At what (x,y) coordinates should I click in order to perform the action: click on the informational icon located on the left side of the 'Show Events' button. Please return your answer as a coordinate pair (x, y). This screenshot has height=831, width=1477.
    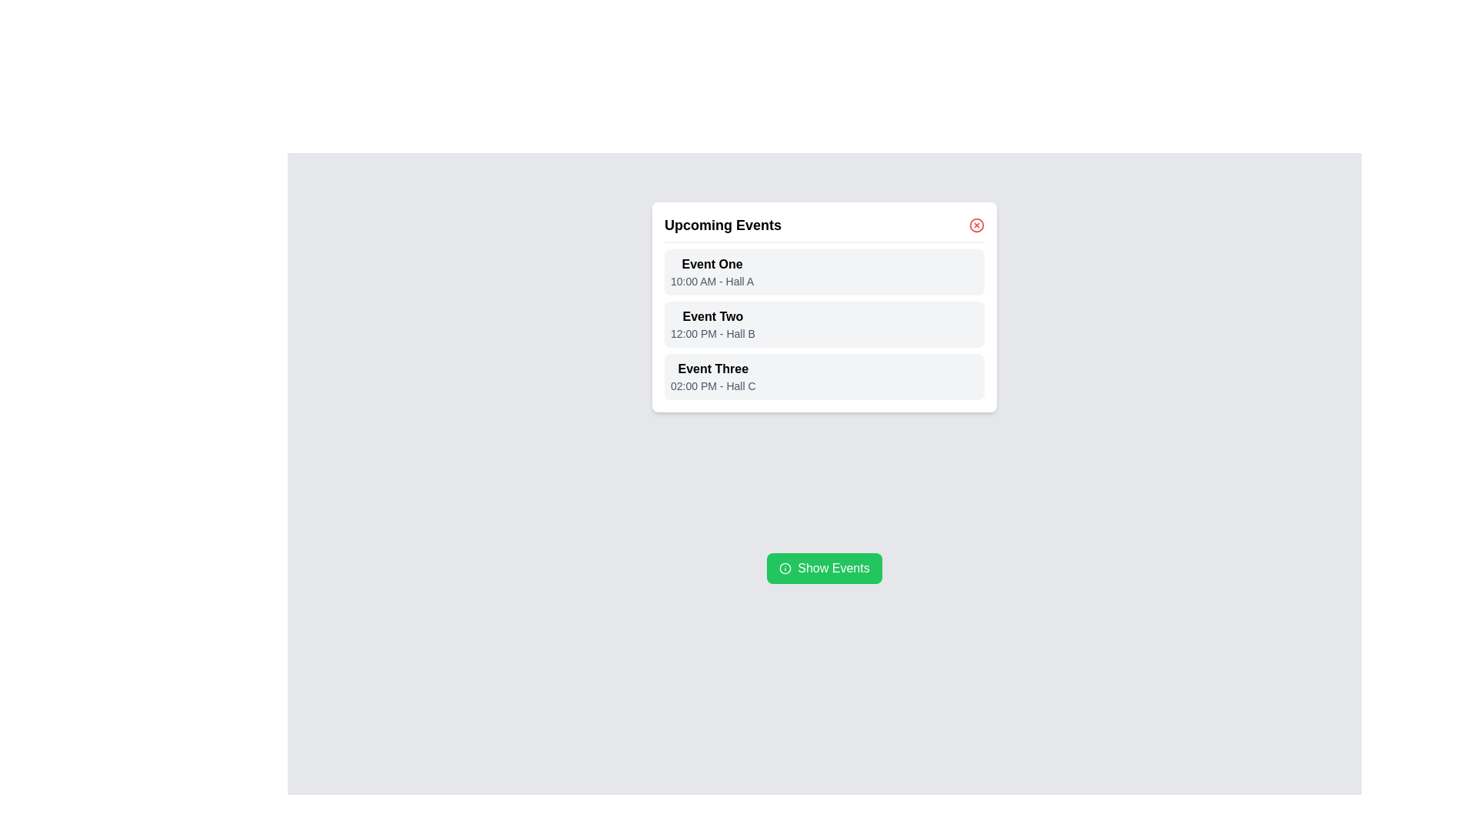
    Looking at the image, I should click on (785, 569).